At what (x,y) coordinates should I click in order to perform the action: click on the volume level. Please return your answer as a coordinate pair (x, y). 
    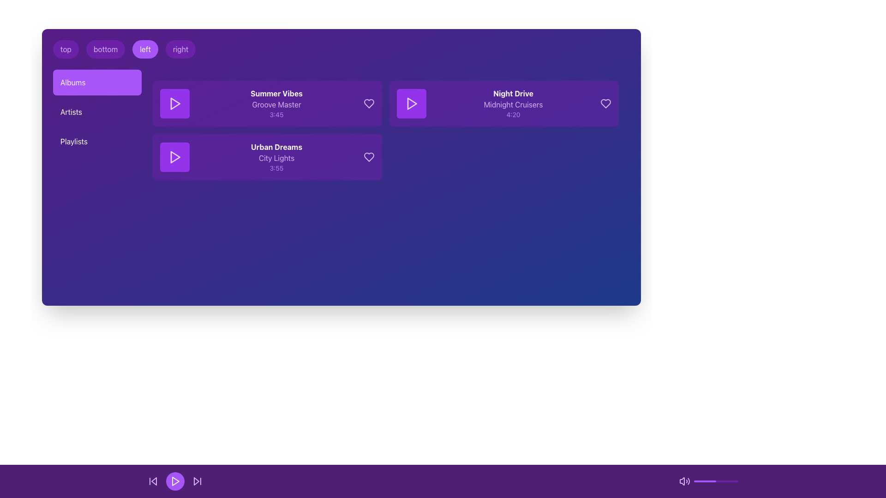
    Looking at the image, I should click on (735, 481).